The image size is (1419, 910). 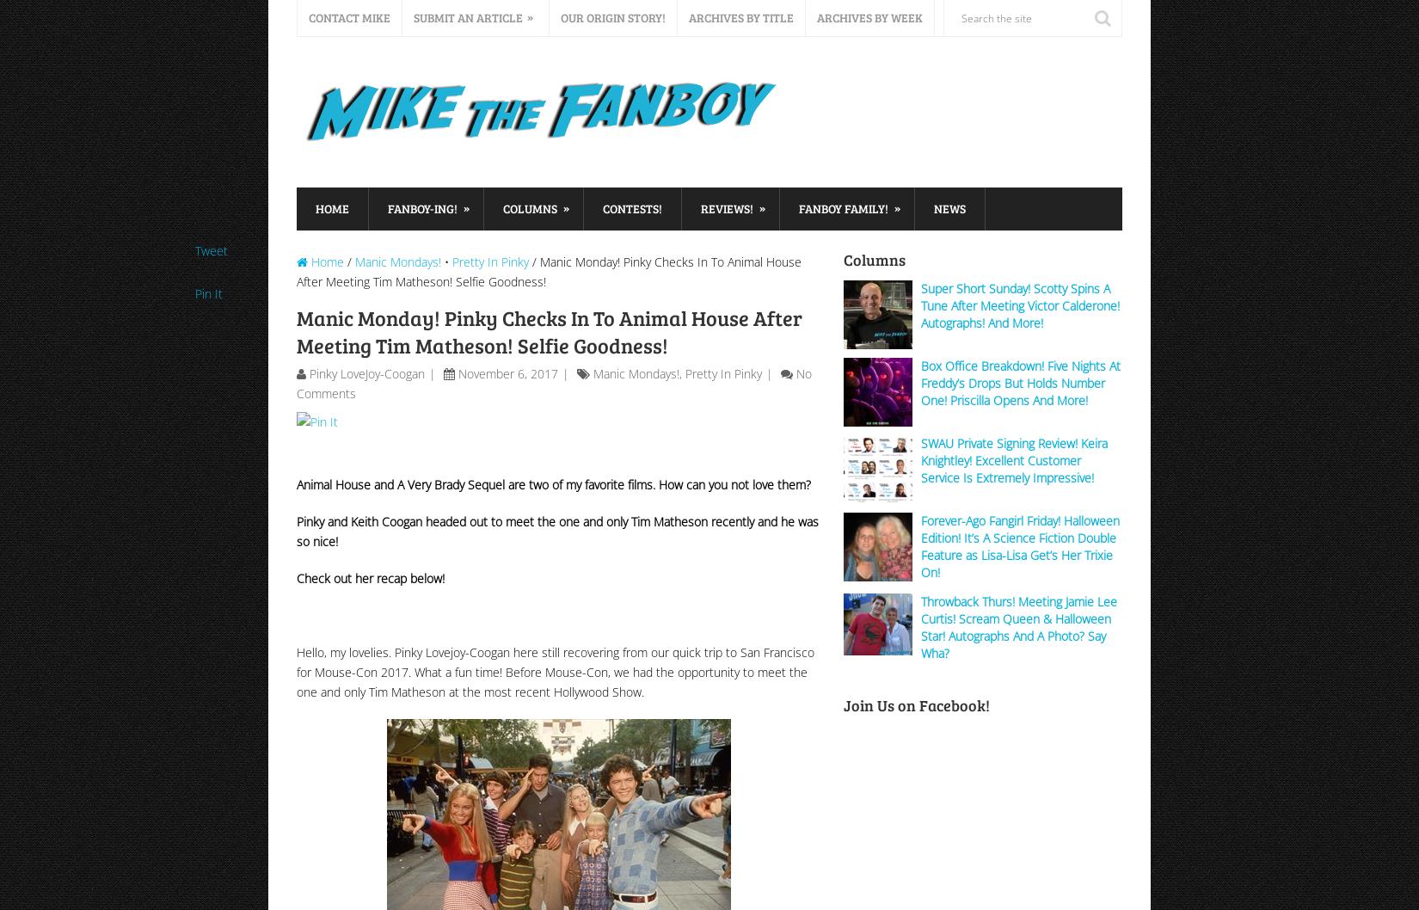 I want to click on 'Check out her recap below!', so click(x=369, y=577).